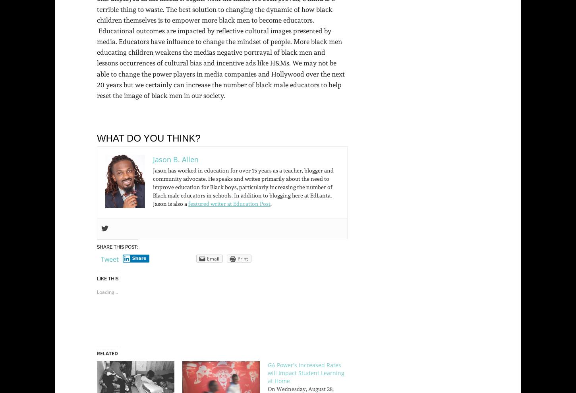 The height and width of the screenshot is (393, 576). I want to click on 'WHAT DO YOU THINK?', so click(148, 138).